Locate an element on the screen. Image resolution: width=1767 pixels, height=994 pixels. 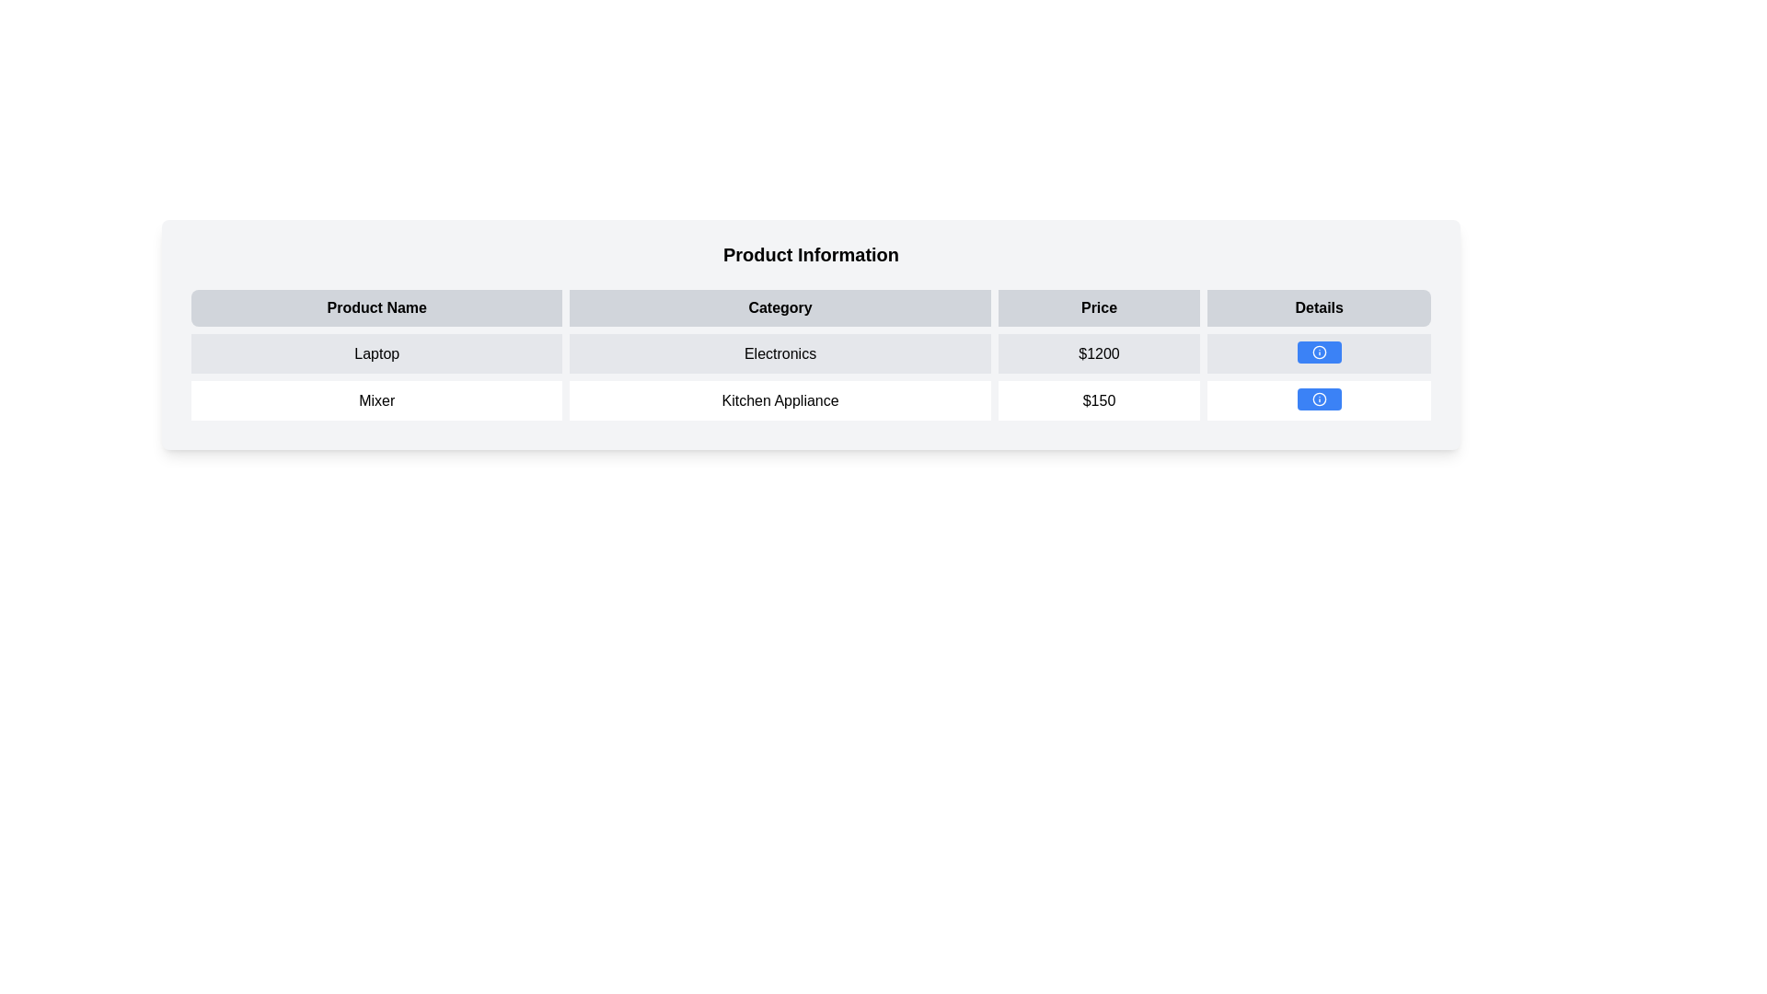
the circular shape with a fine outline inside a blue circular area, located in the 'Details' column of the first row in the product details table is located at coordinates (1318, 399).